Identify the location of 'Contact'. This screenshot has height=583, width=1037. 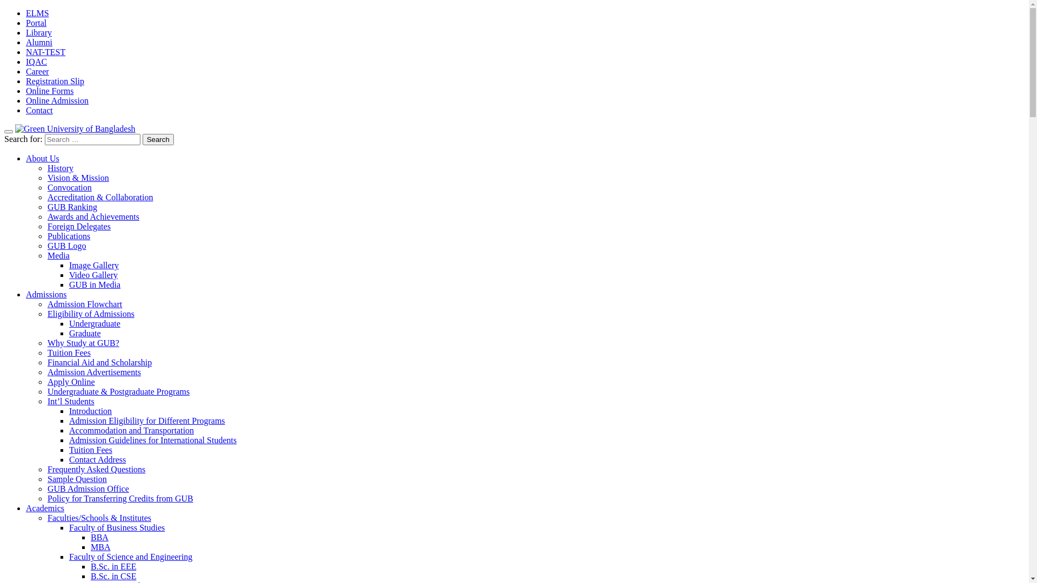
(39, 110).